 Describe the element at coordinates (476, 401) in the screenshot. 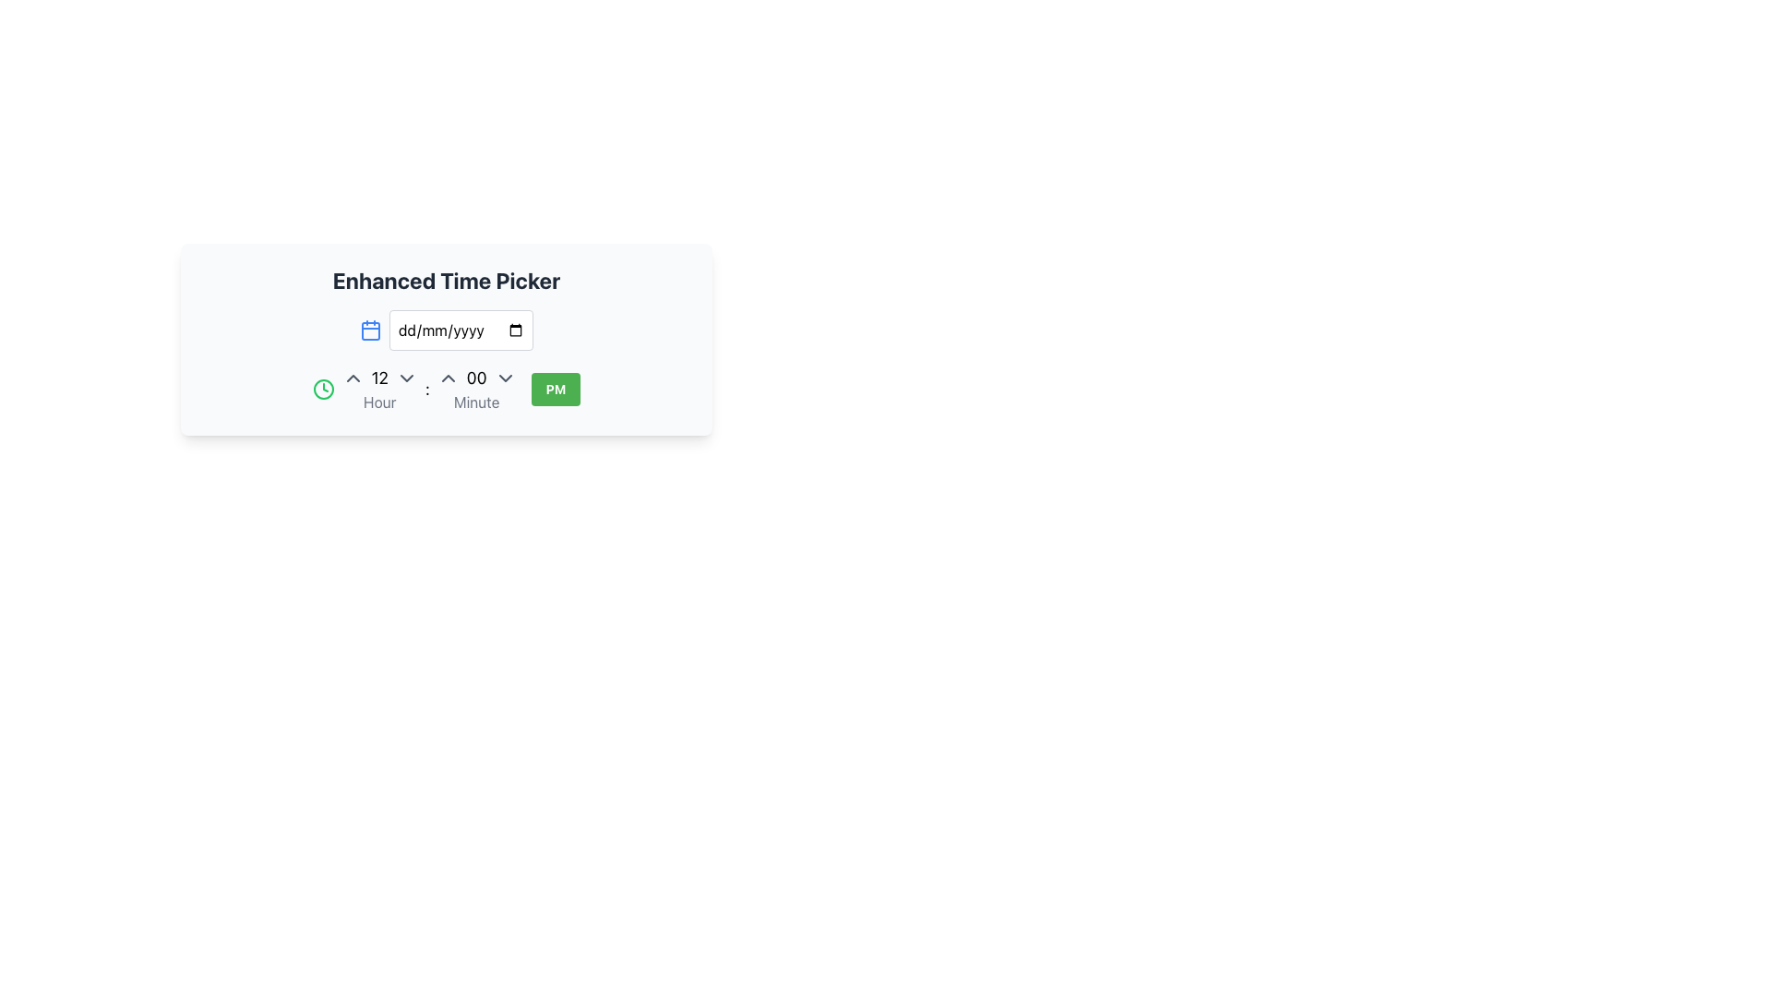

I see `the text label displaying 'Minute', which is styled in gray color and positioned below the numerical display '00' in the time input interface` at that location.